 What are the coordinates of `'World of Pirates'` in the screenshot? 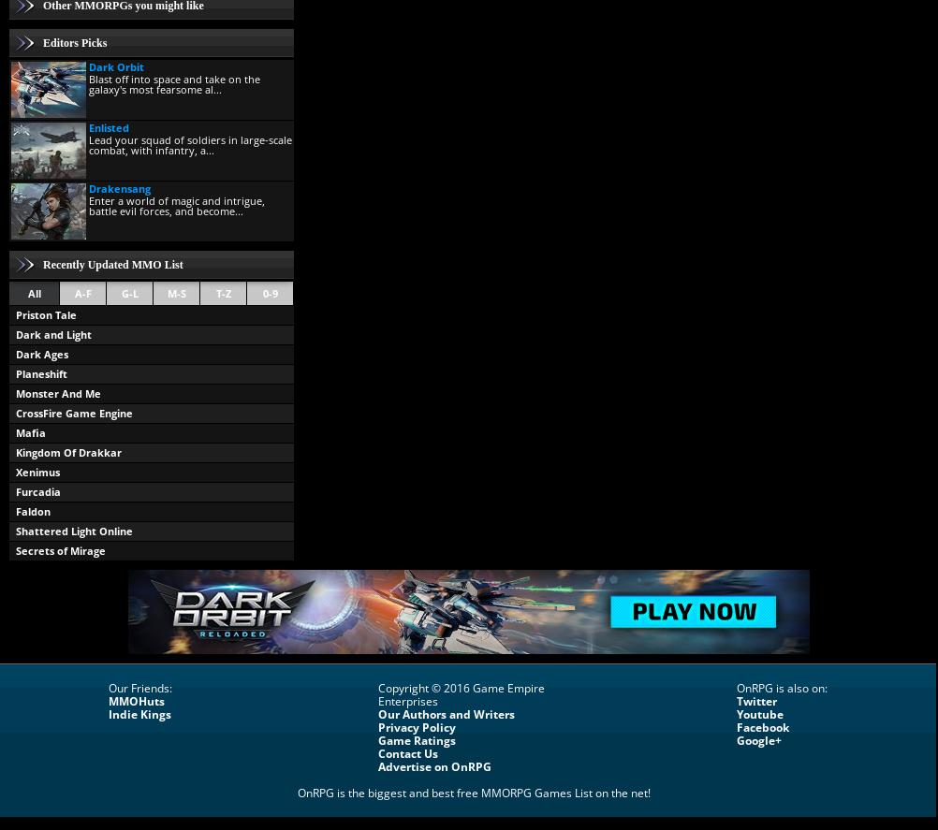 It's located at (16, 569).